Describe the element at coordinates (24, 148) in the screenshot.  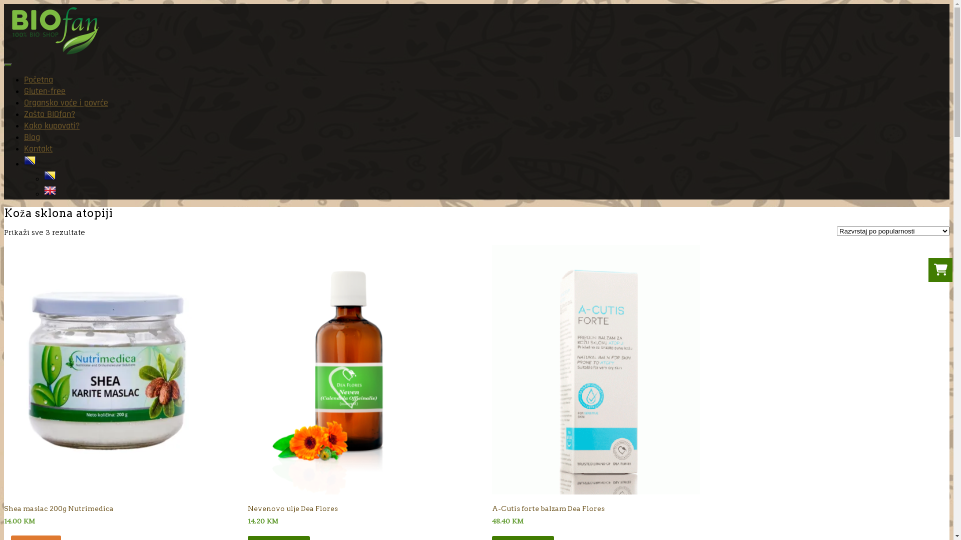
I see `'Kontakt'` at that location.